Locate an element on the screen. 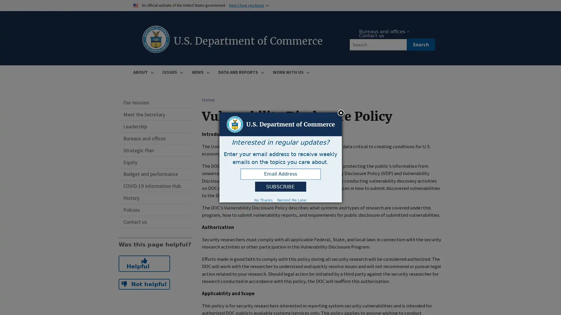 The height and width of the screenshot is (315, 561). Not helpful is located at coordinates (144, 284).